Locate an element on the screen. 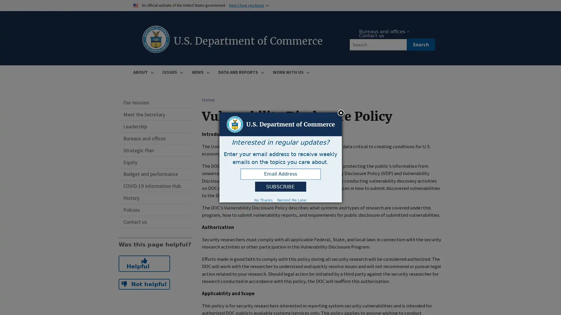 The height and width of the screenshot is (315, 561). Not helpful is located at coordinates (144, 284).